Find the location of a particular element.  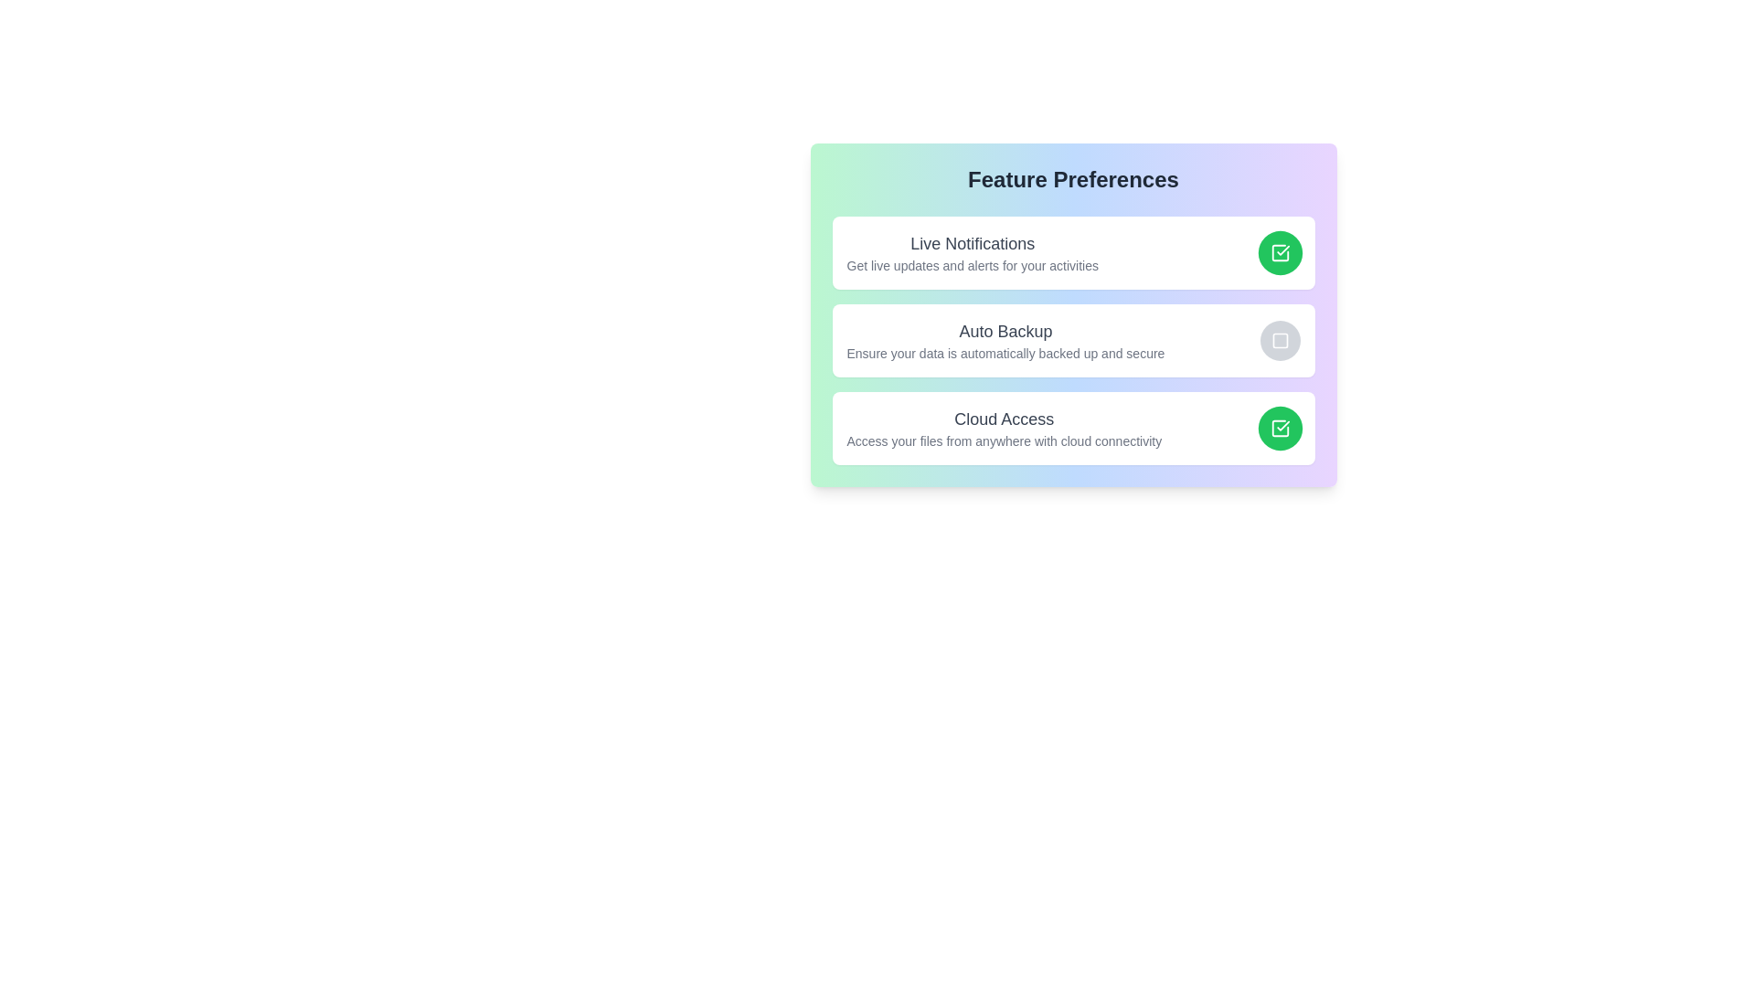

the circular button containing the icon located to the right of the 'Auto Backup' label in the second entry of the 'Feature Preferences' list is located at coordinates (1279, 341).